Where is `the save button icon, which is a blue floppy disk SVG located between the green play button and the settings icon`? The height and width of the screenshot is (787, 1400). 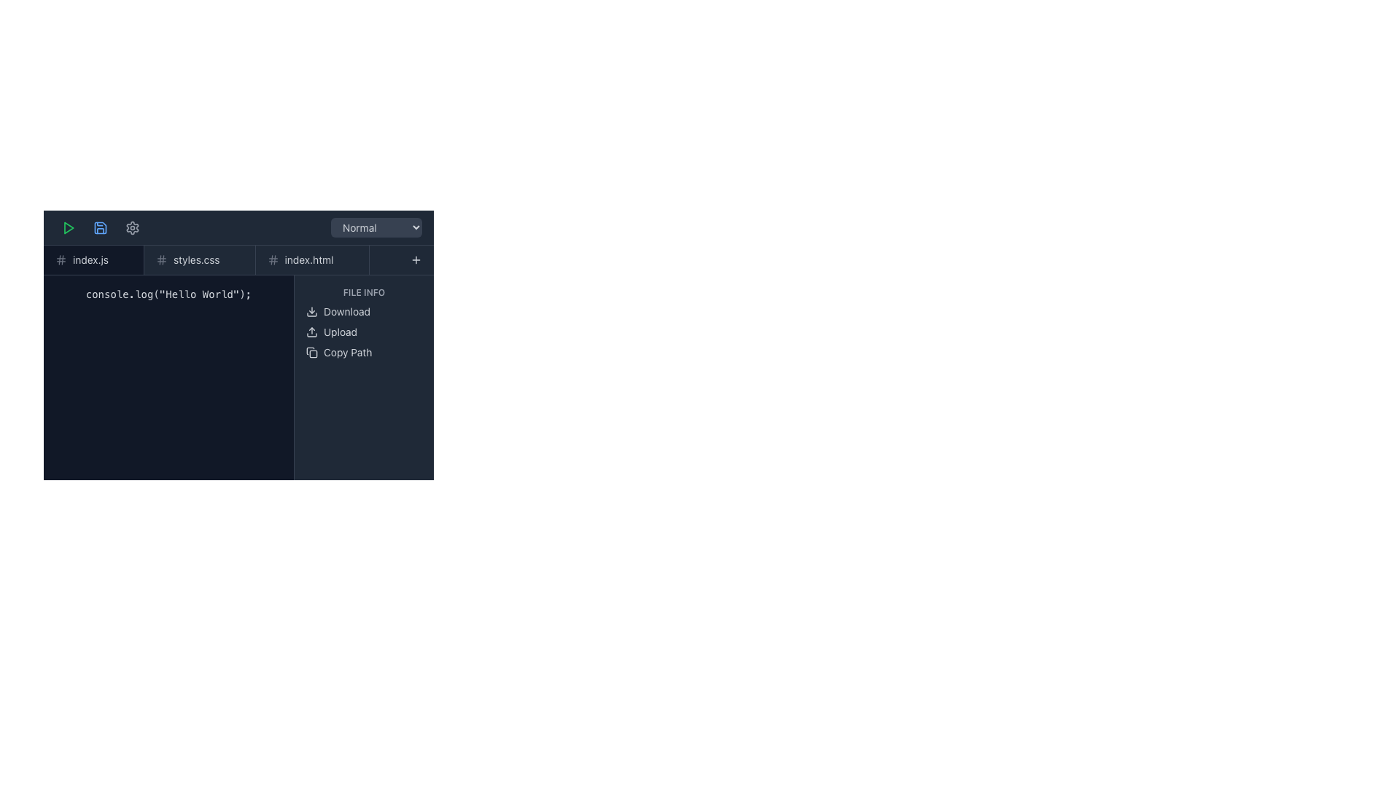 the save button icon, which is a blue floppy disk SVG located between the green play button and the settings icon is located at coordinates (100, 227).